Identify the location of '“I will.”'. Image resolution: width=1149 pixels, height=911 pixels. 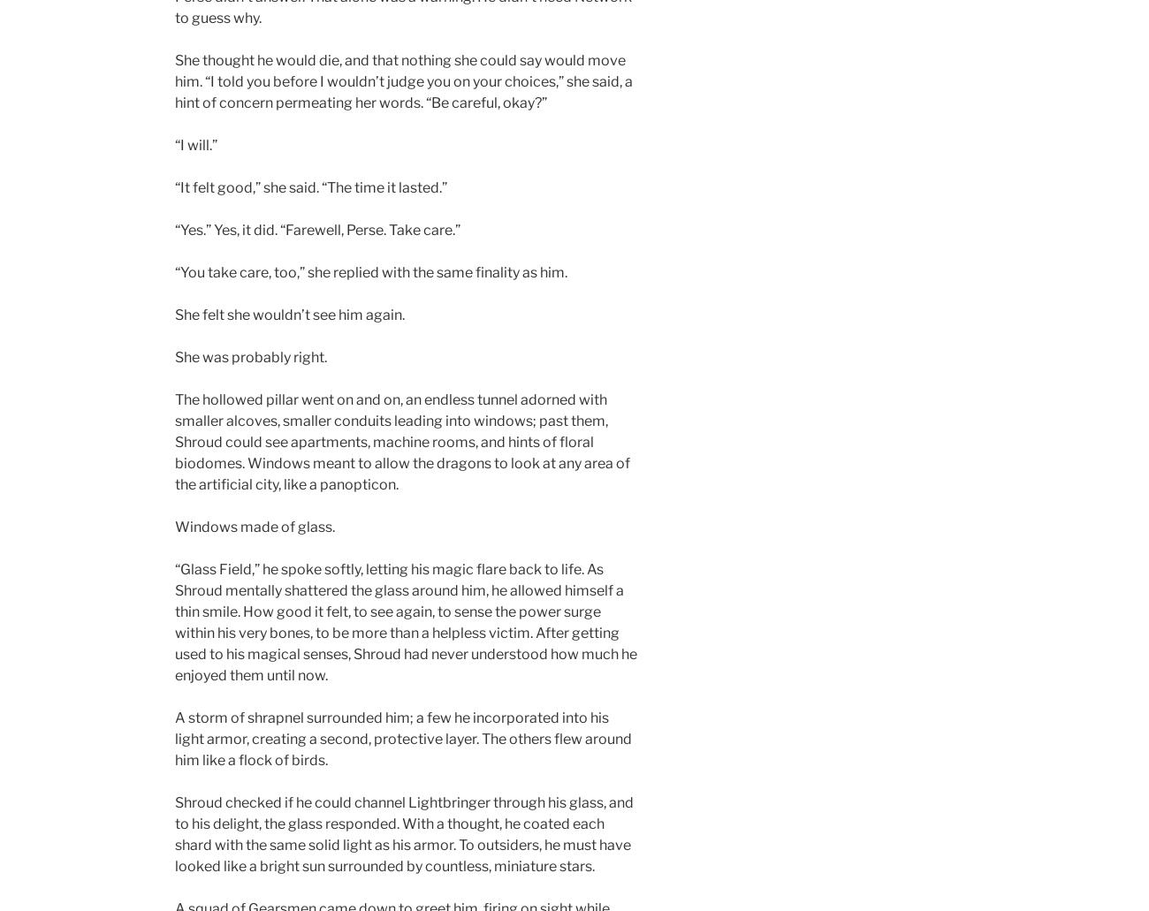
(195, 144).